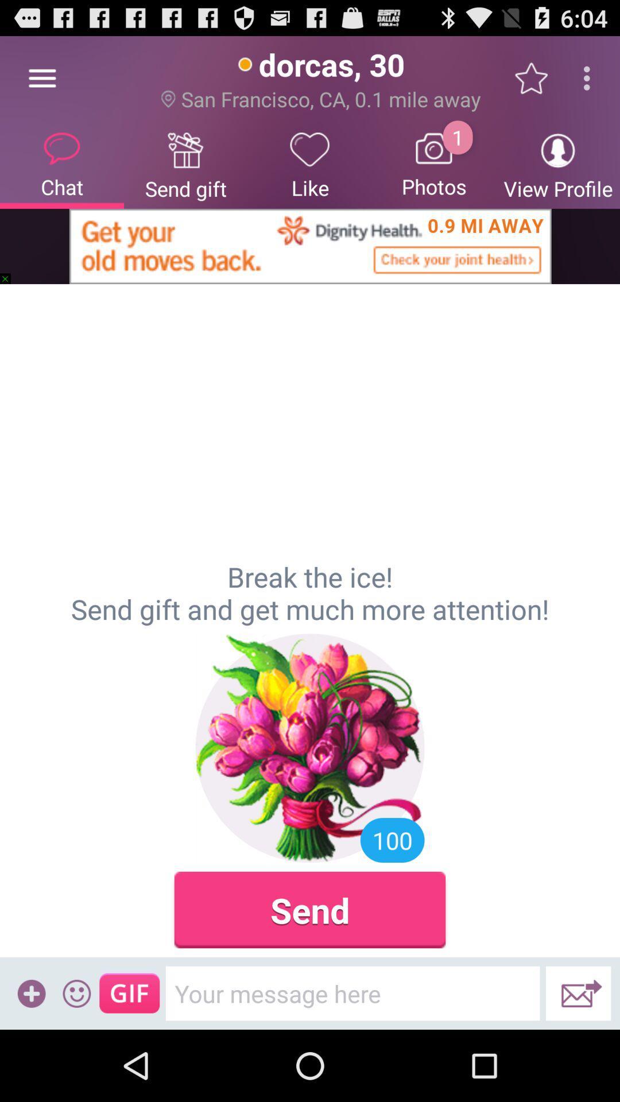 The image size is (620, 1102). I want to click on icon above view profile item, so click(590, 77).